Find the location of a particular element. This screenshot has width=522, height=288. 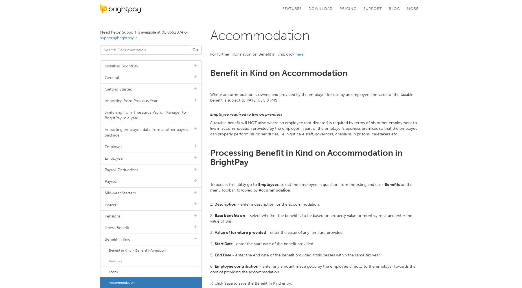

'Employee required to live on premises' is located at coordinates (210, 114).